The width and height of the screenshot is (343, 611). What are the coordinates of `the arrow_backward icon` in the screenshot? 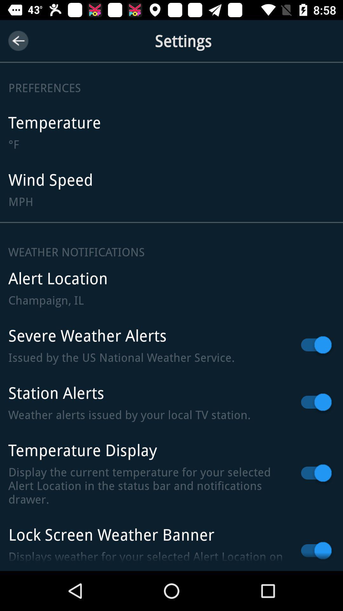 It's located at (18, 40).